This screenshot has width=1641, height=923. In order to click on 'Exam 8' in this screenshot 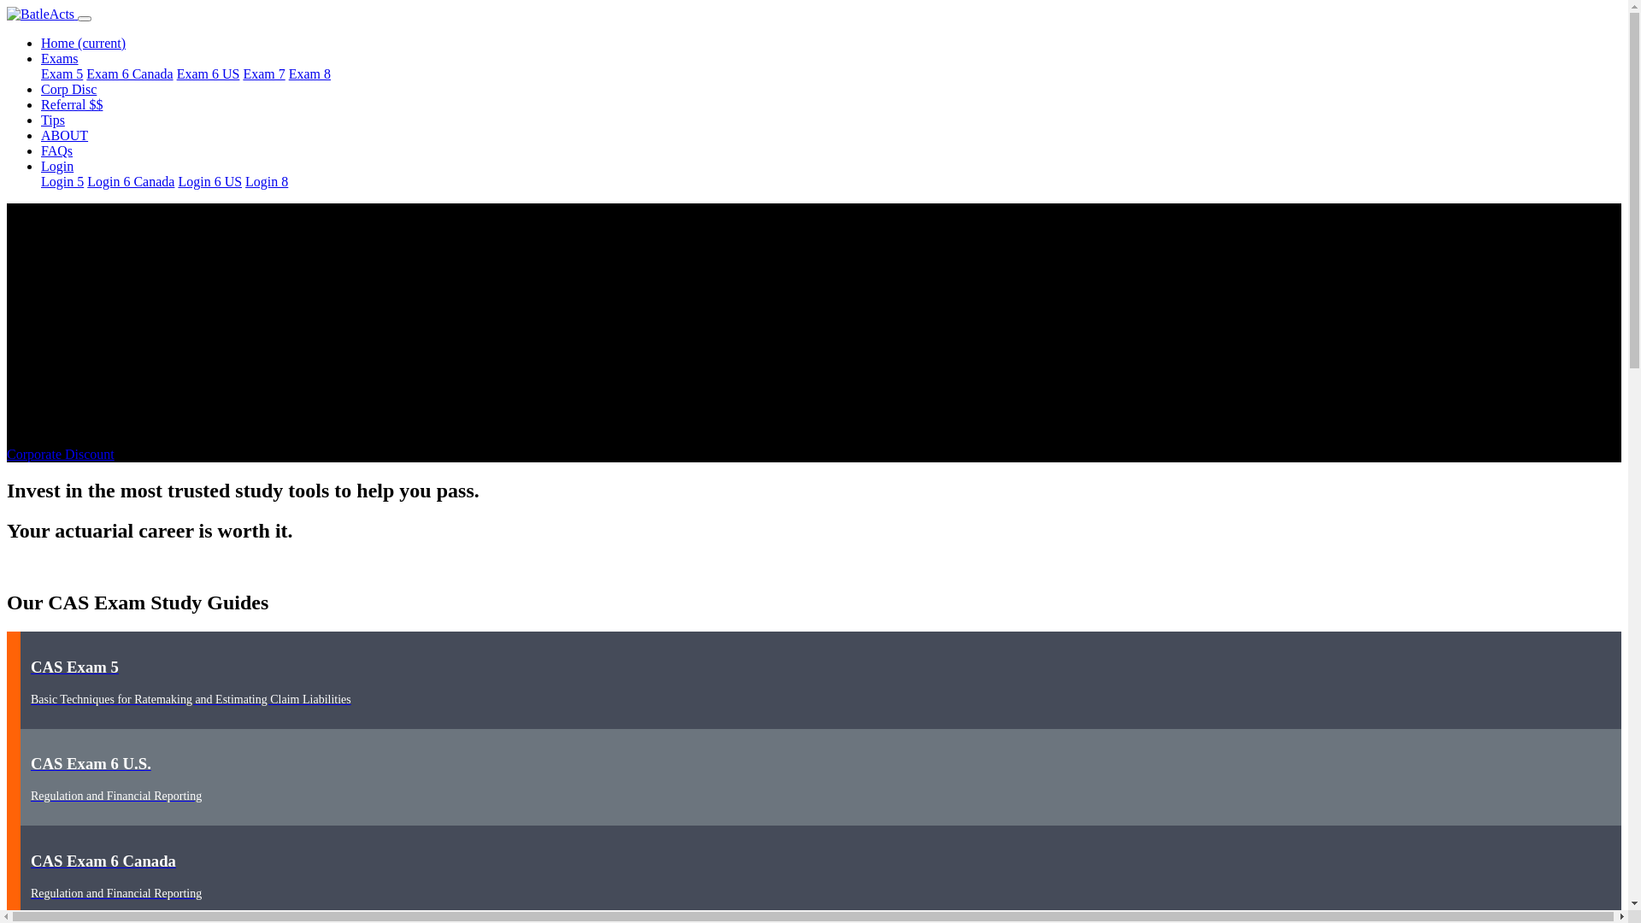, I will do `click(288, 73)`.